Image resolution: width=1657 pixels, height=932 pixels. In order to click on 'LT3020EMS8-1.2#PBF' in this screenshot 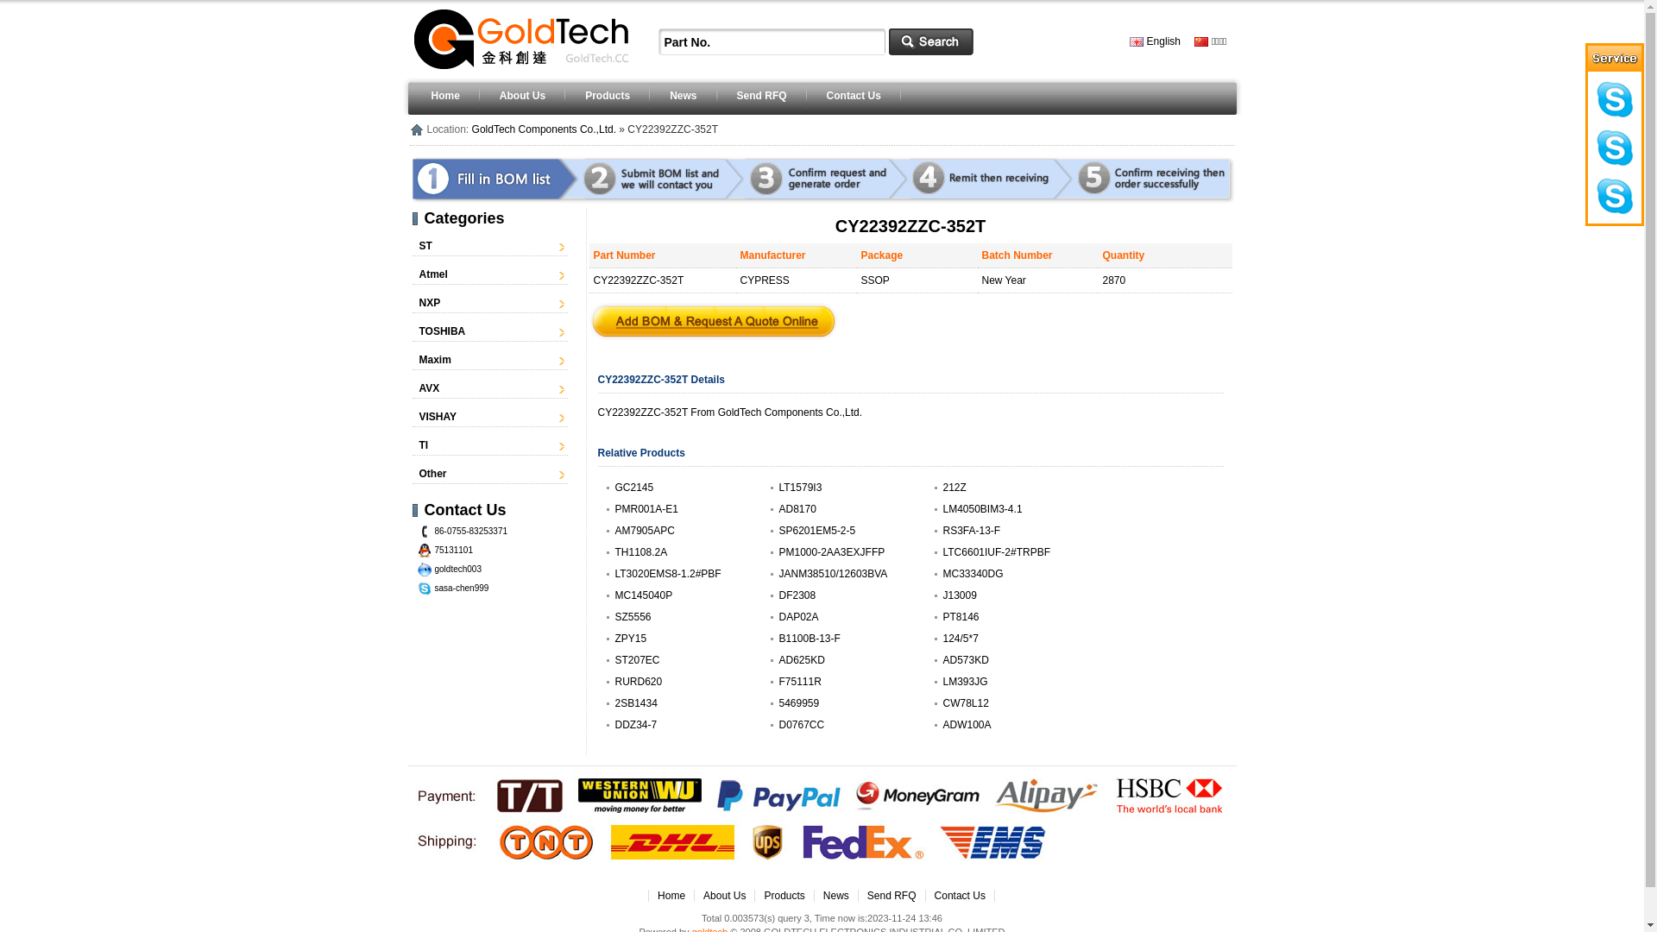, I will do `click(614, 573)`.